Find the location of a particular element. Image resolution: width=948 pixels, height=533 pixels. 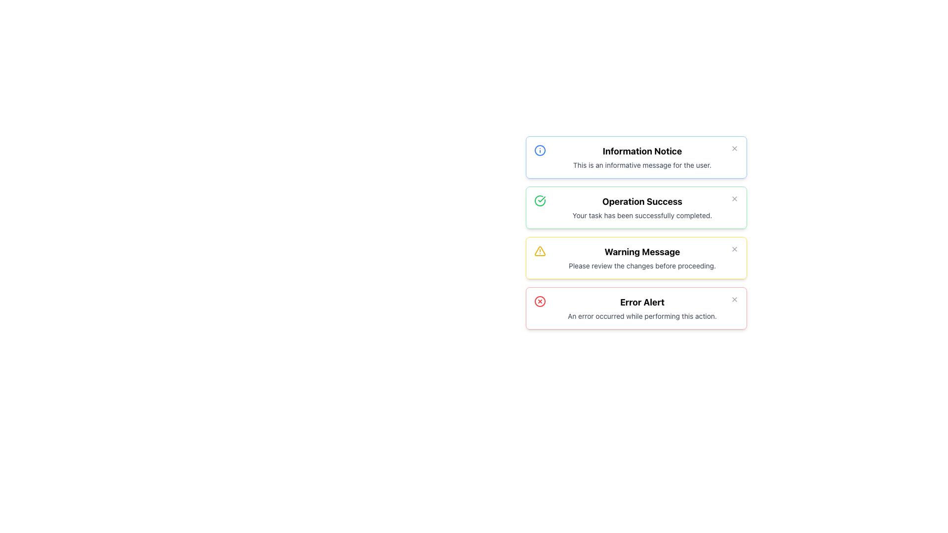

the Text Label that provides additional information in the 'Information Notice' notification card, located directly underneath the title 'Information Notice.' is located at coordinates (642, 165).